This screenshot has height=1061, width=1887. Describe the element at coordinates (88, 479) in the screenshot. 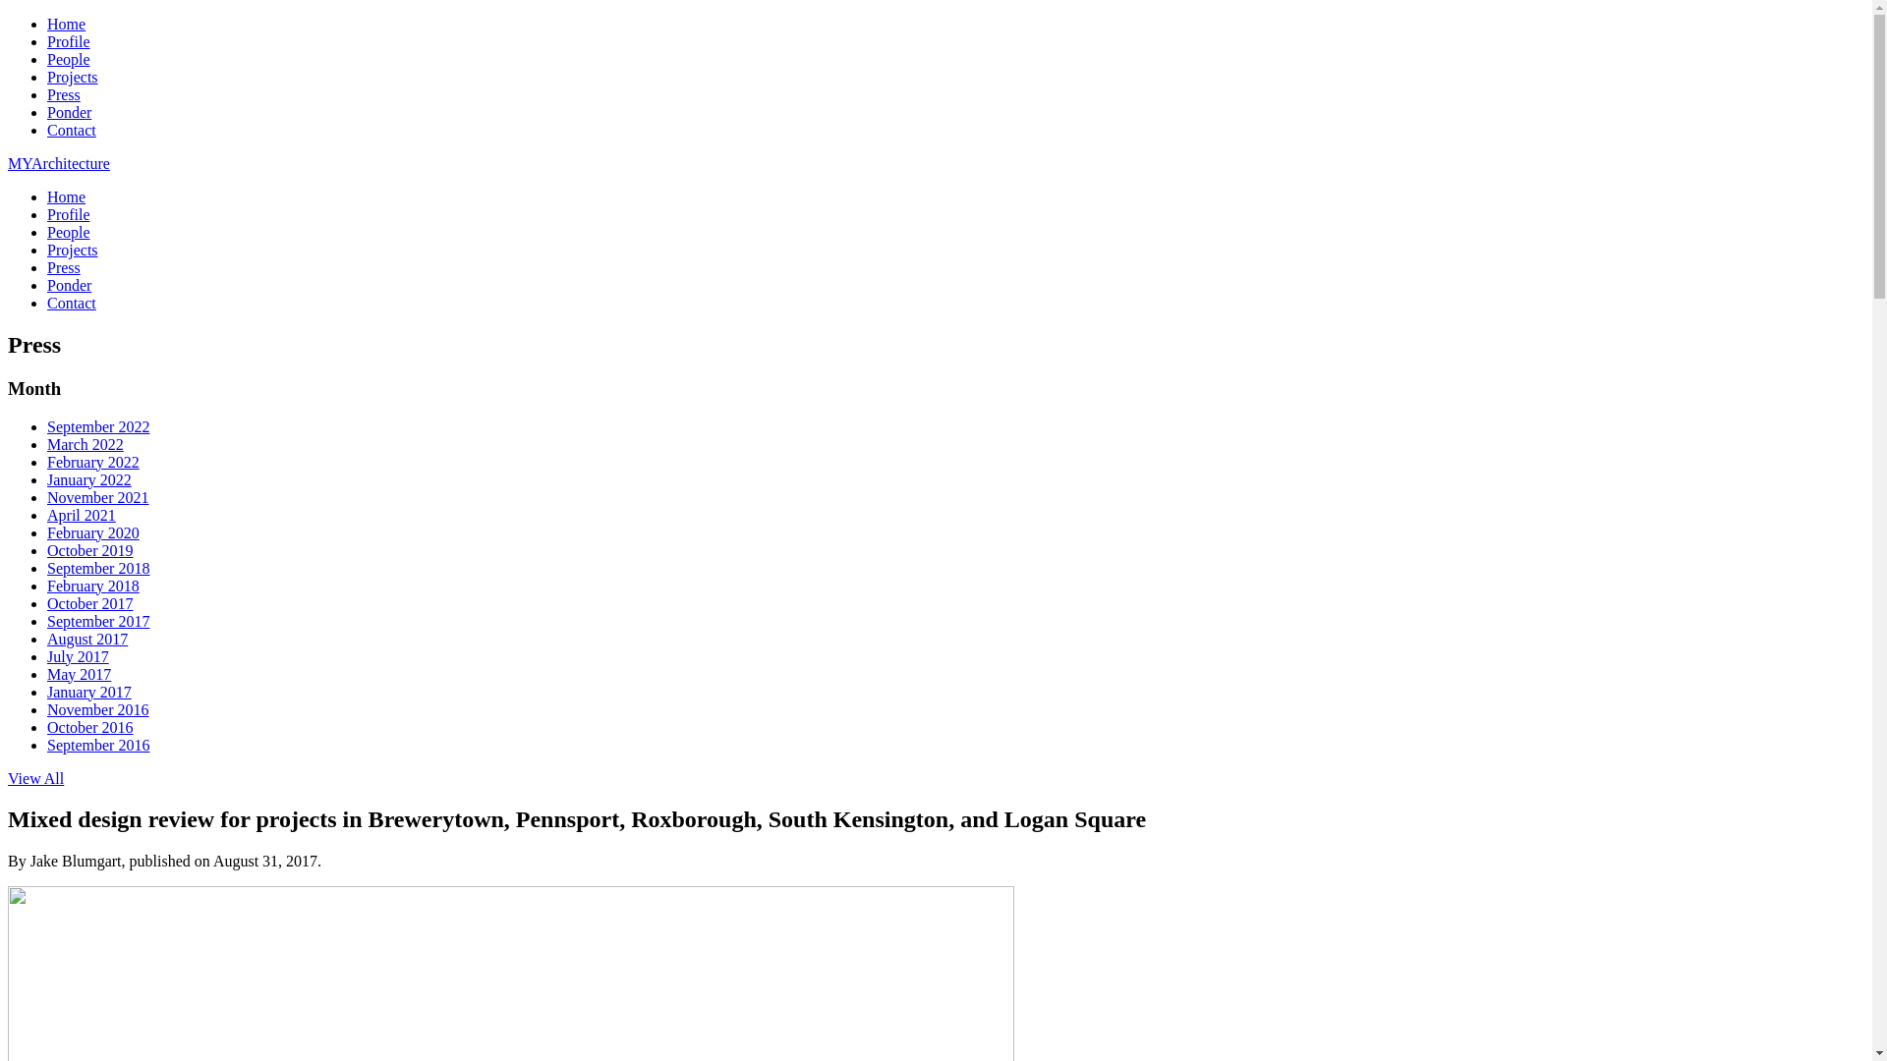

I see `'January 2022'` at that location.